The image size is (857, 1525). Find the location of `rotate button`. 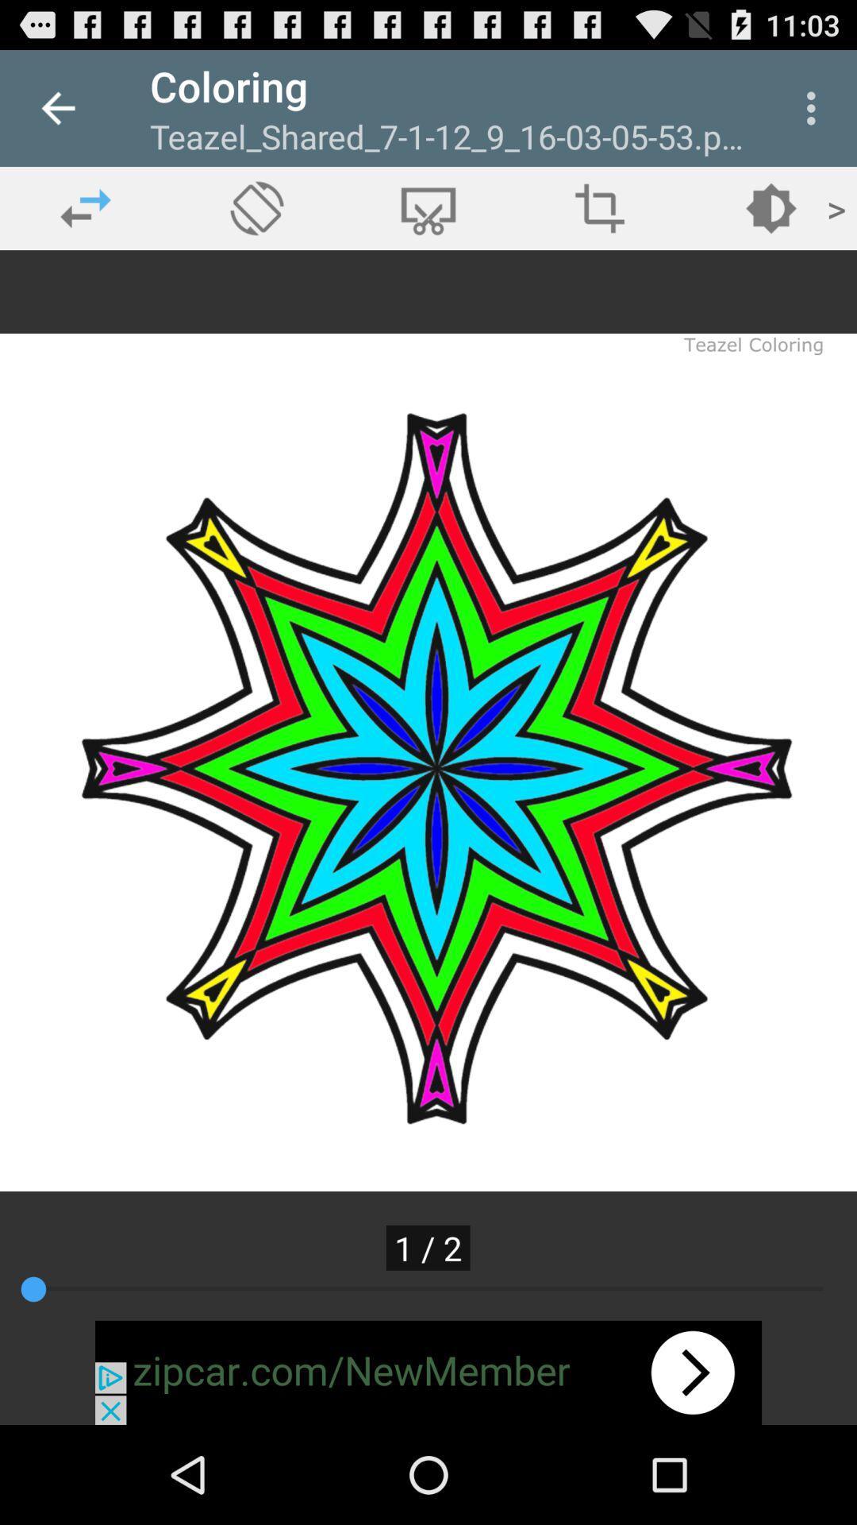

rotate button is located at coordinates (256, 207).